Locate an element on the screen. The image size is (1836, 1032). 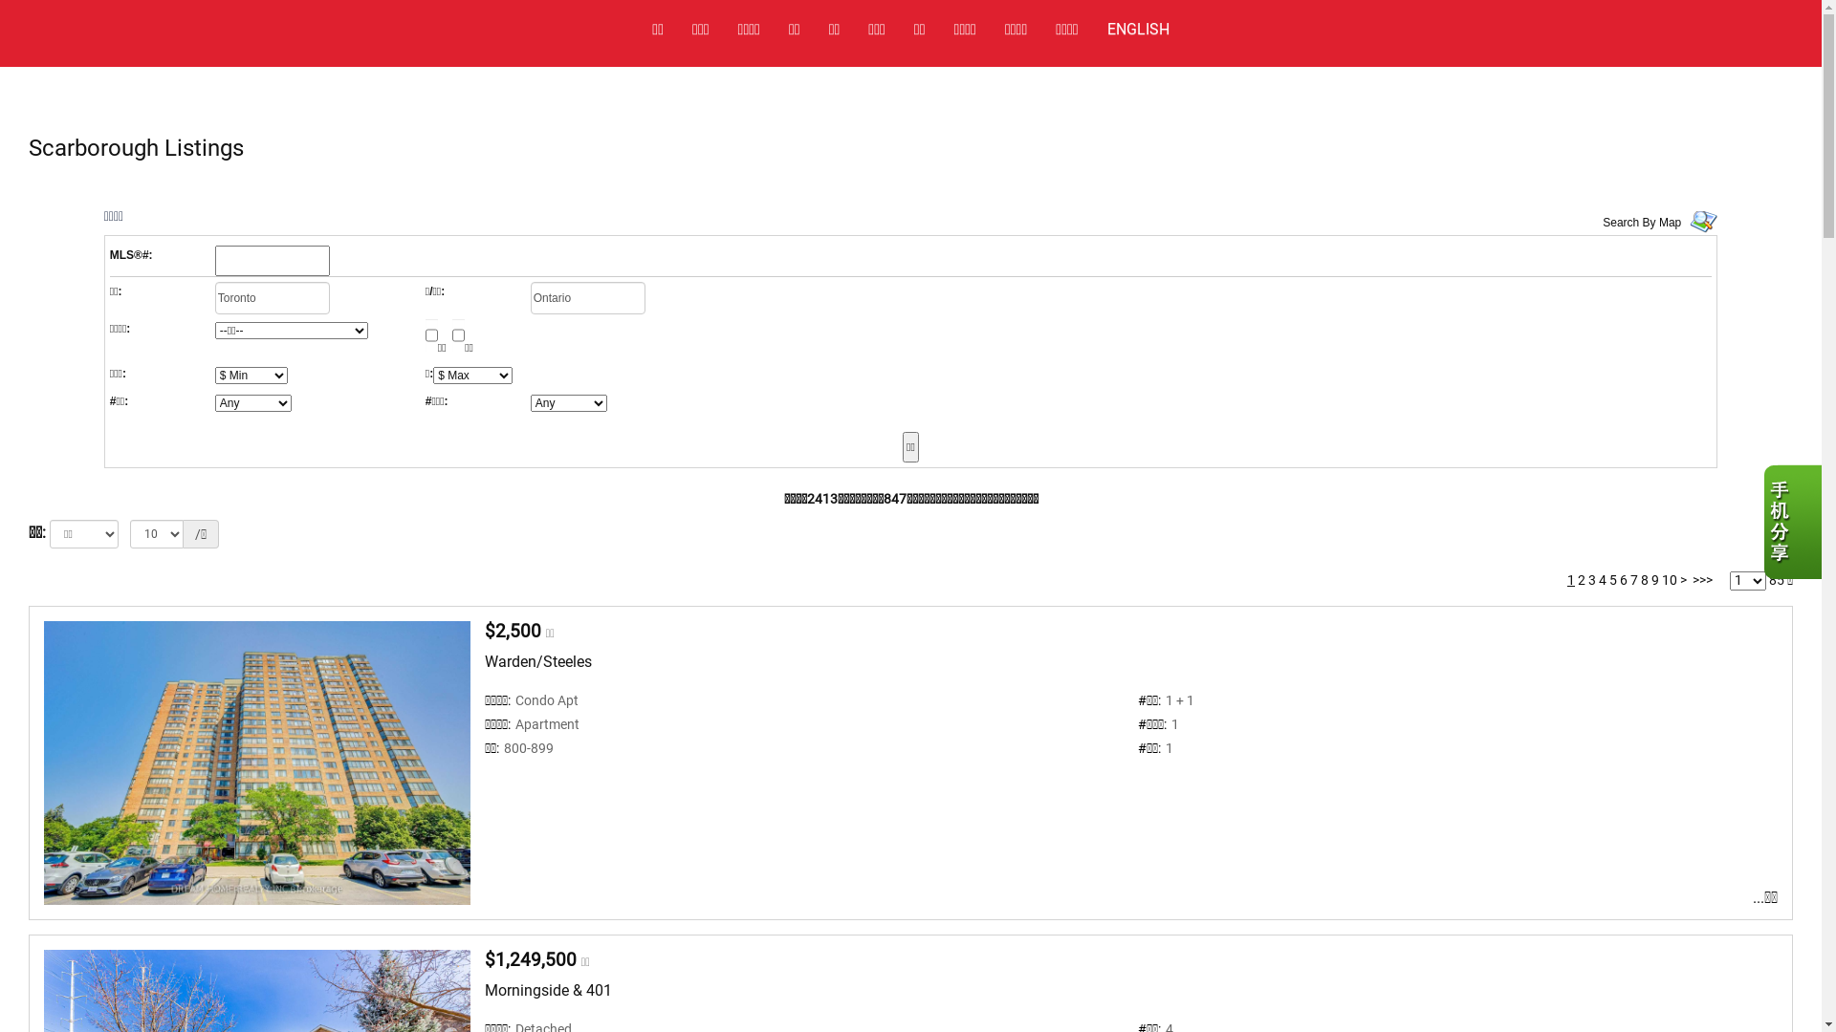
'Search By Map' is located at coordinates (1641, 221).